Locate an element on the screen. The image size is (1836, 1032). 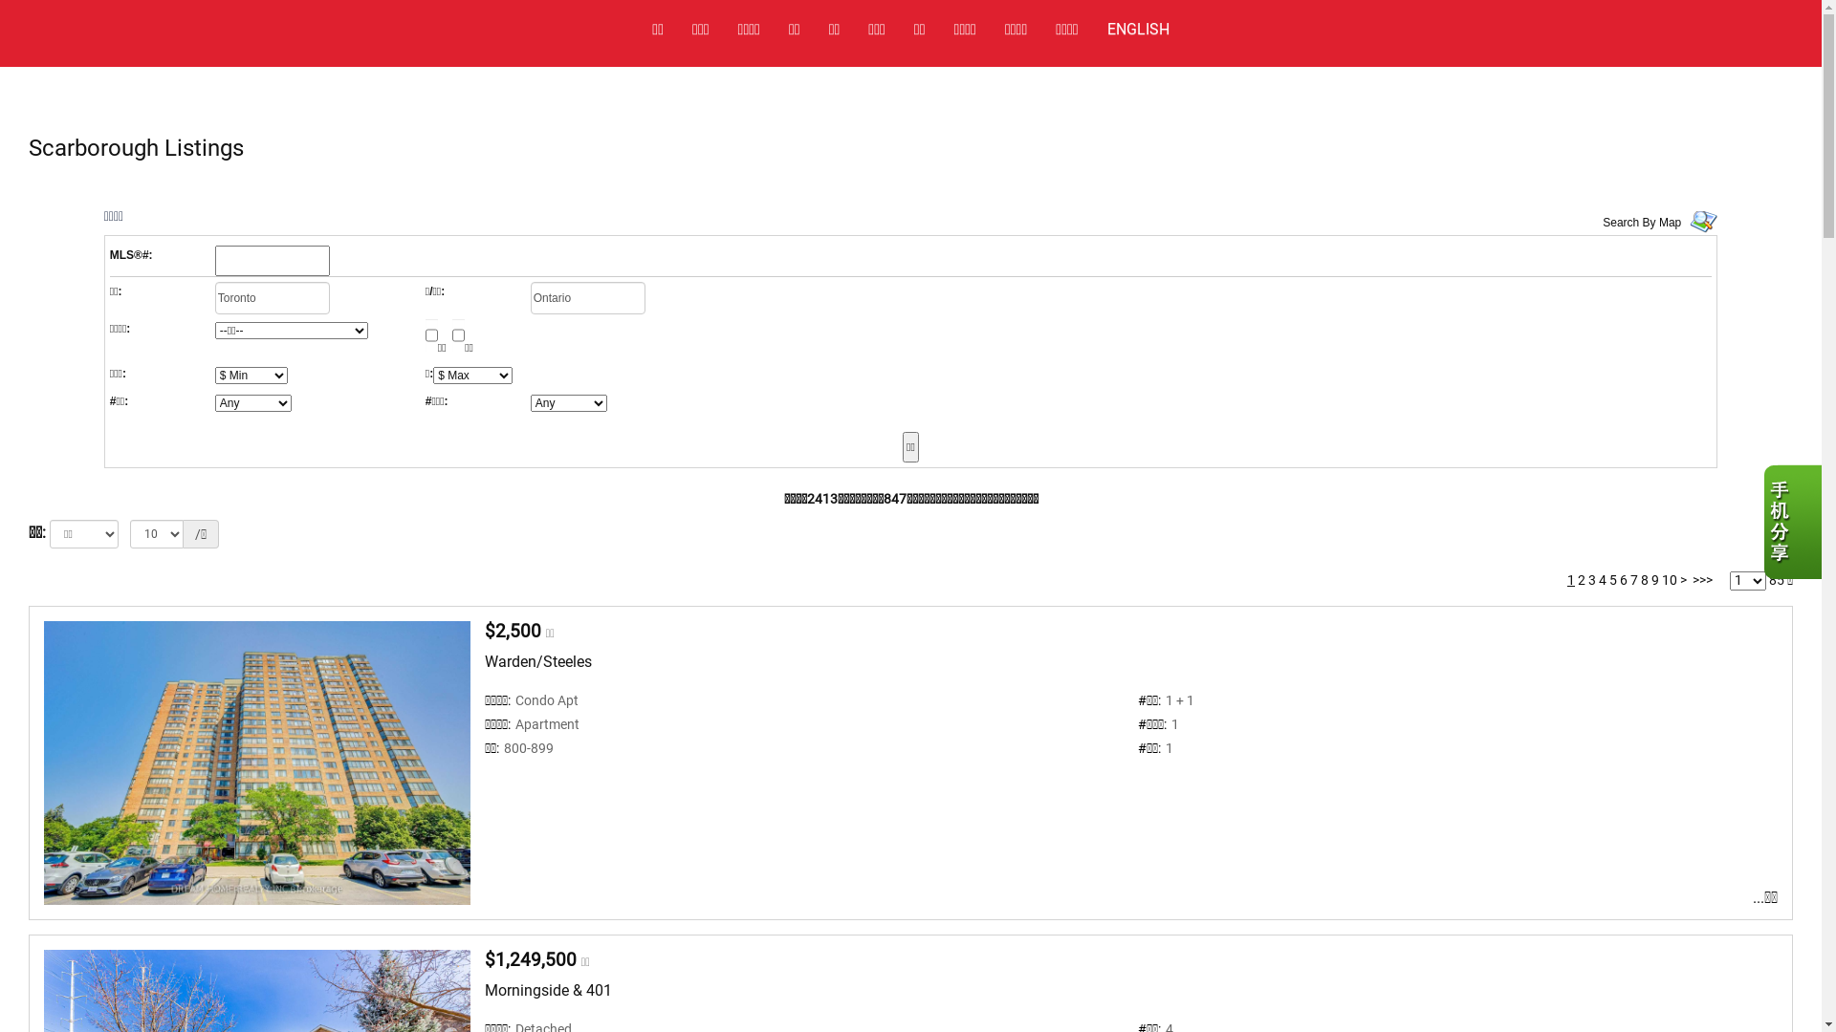
'Search By Map' is located at coordinates (1641, 221).